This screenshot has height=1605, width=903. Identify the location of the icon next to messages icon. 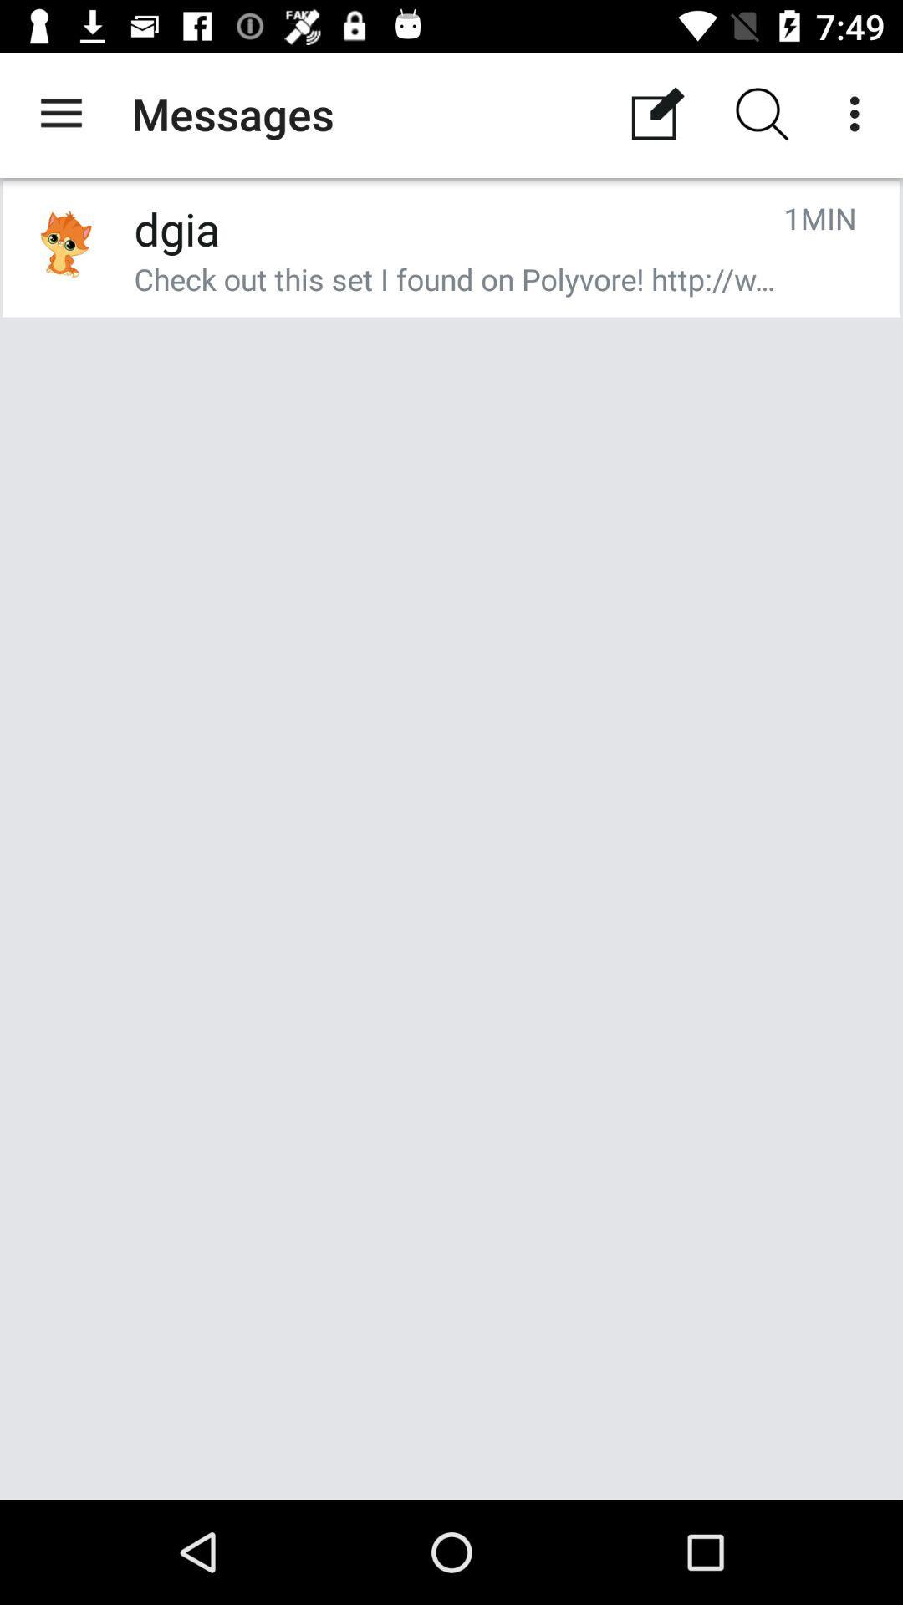
(60, 113).